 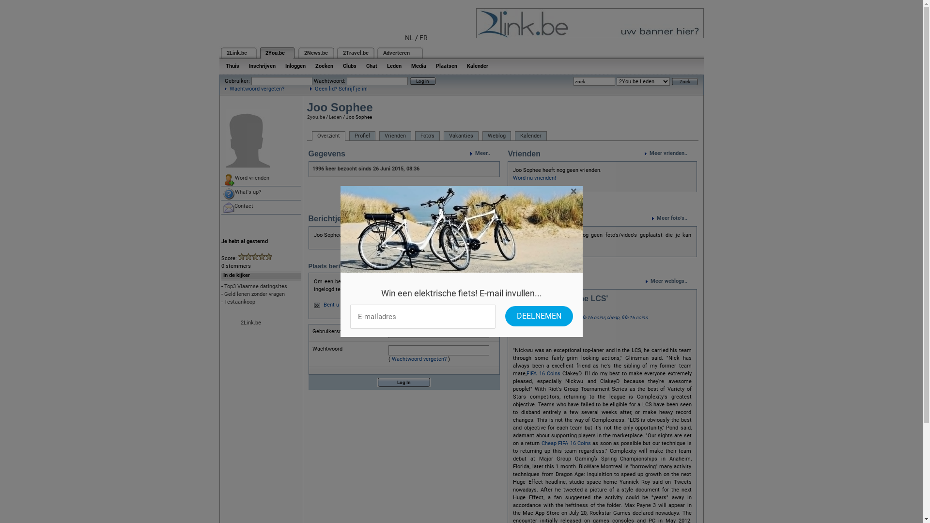 What do you see at coordinates (316, 116) in the screenshot?
I see `'2you.be'` at bounding box center [316, 116].